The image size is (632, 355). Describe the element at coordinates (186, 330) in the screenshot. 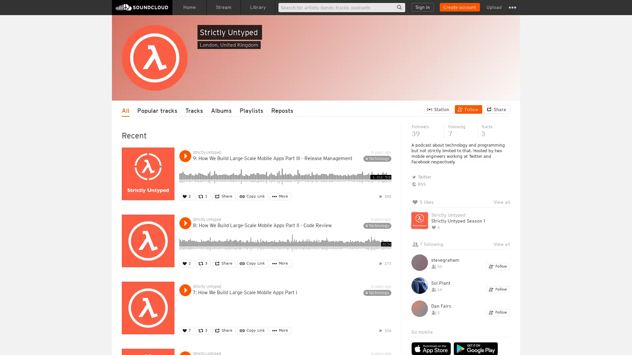

I see `Like` at that location.